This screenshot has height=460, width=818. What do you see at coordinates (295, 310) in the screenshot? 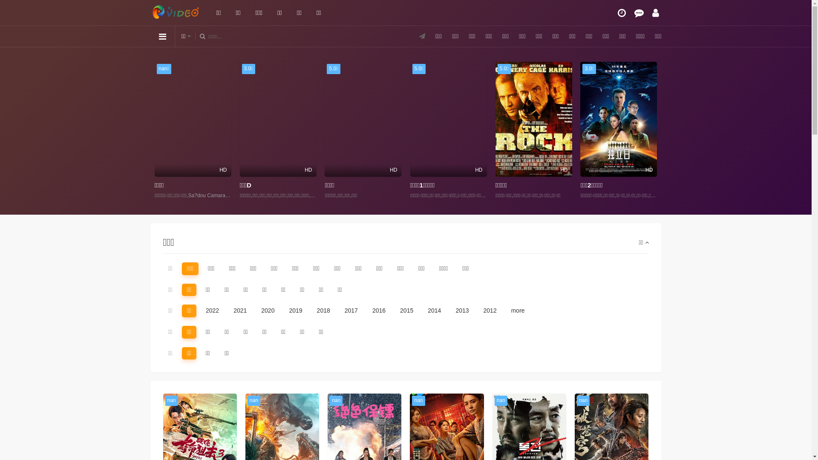
I see `'2019'` at bounding box center [295, 310].